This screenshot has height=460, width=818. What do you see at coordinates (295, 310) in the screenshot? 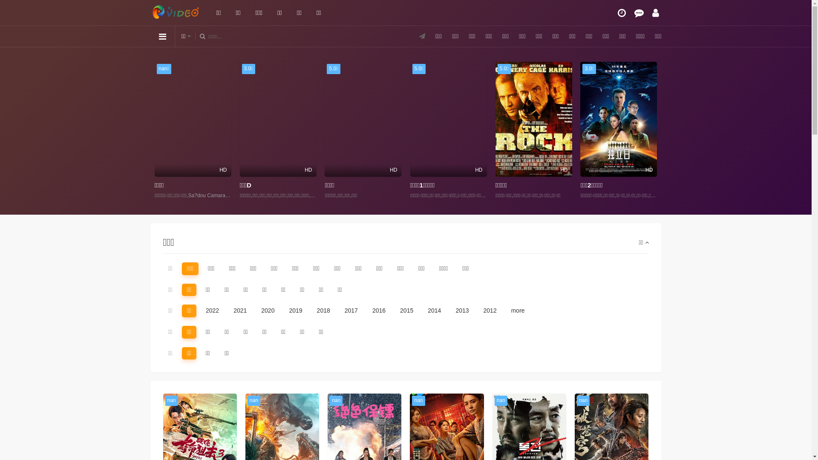
I see `'2019'` at bounding box center [295, 310].